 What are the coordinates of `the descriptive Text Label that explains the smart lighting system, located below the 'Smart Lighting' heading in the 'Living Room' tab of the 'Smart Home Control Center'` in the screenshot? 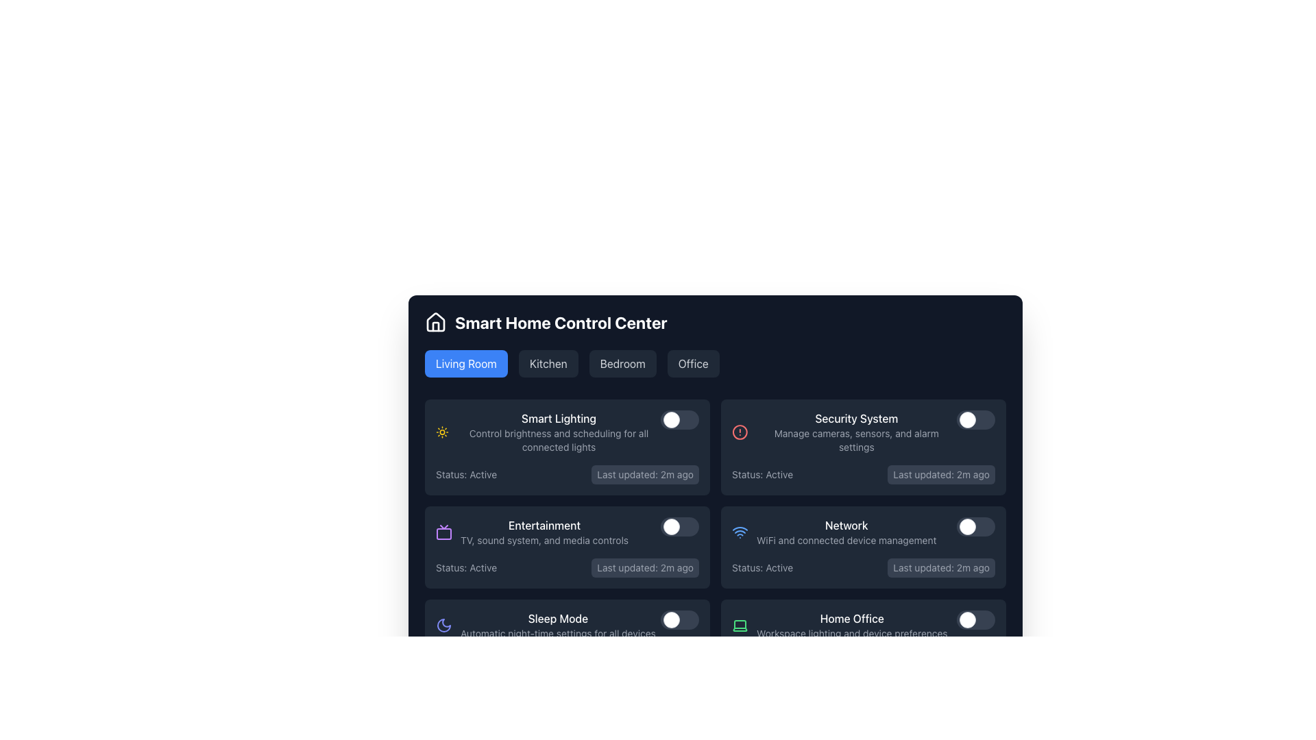 It's located at (559, 441).